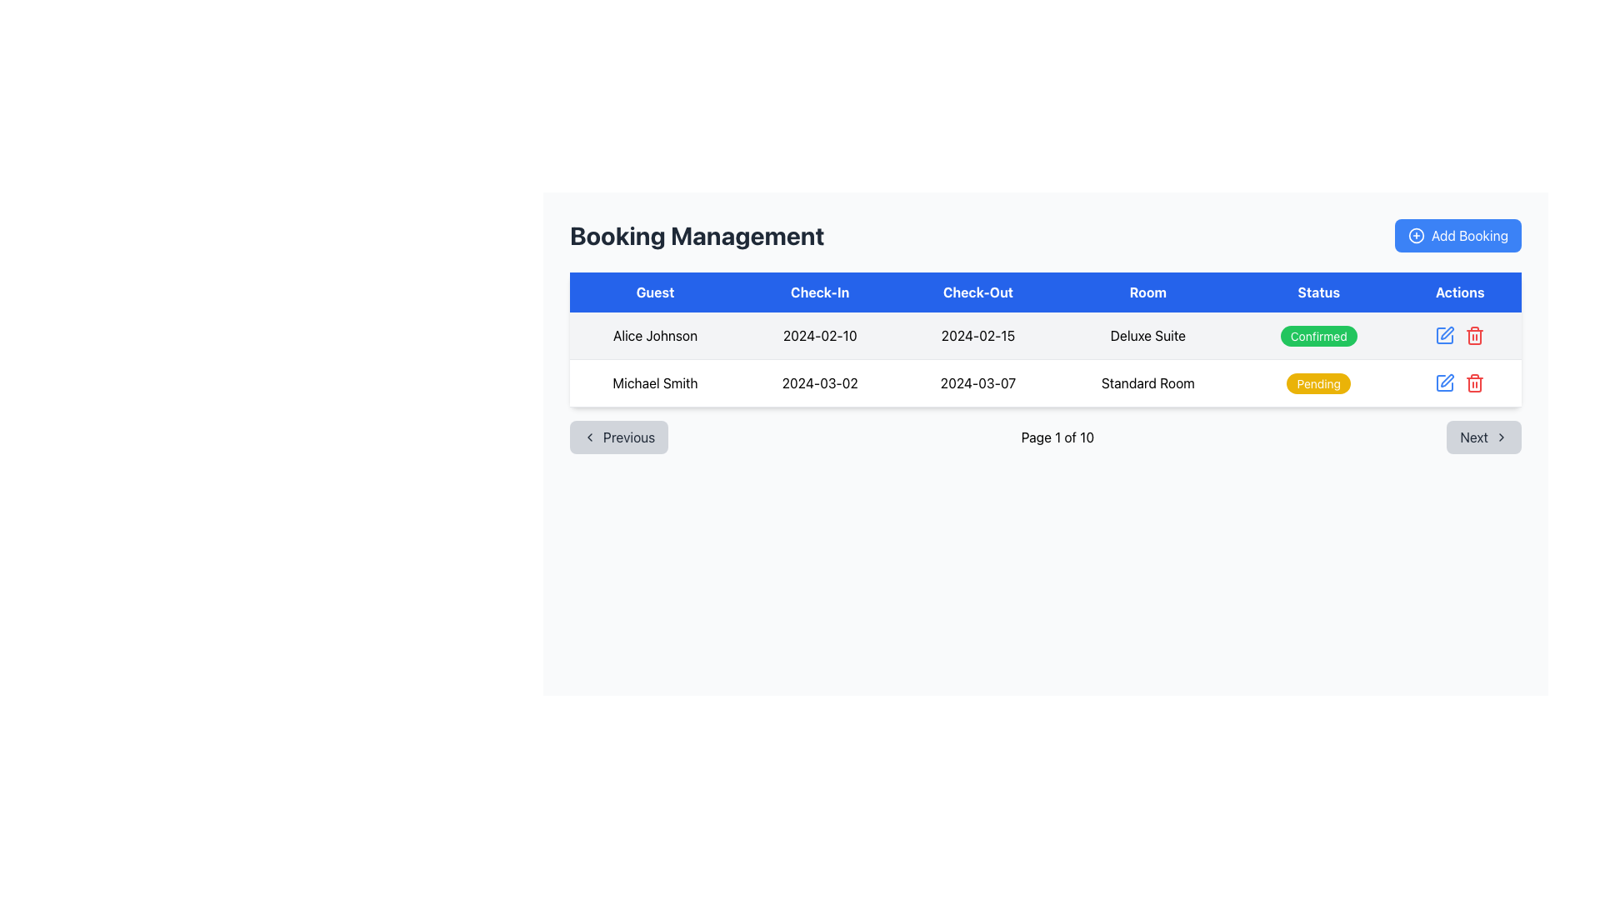 Image resolution: width=1600 pixels, height=900 pixels. I want to click on the Edit Icon in the Actions column of the second row to initiate editing the associated booking entry, so click(1447, 380).